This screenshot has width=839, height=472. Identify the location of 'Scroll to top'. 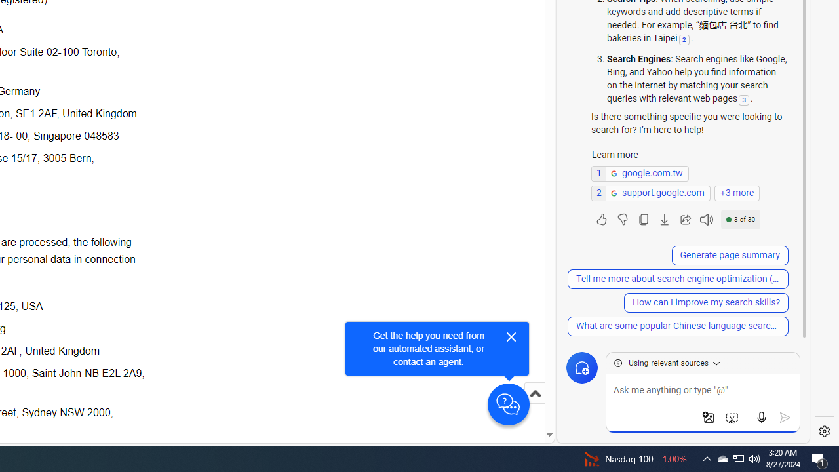
(535, 406).